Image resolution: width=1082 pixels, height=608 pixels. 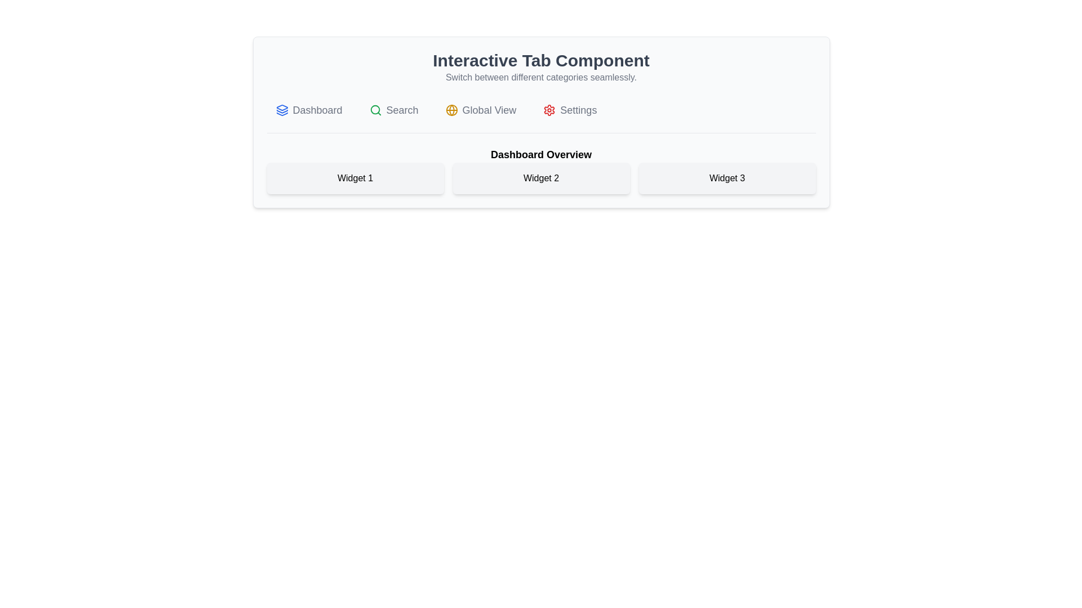 I want to click on the search button with icon and text located between the 'Dashboard' button and the 'Global View' button, below the title 'Interactive Tab Component', so click(x=394, y=110).